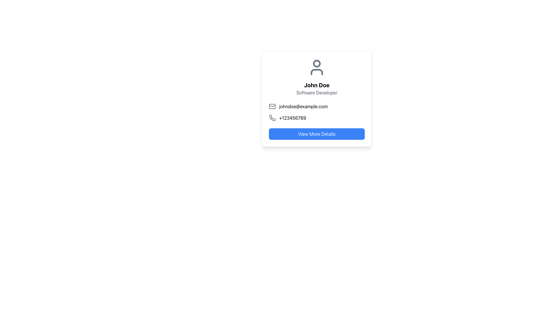  What do you see at coordinates (292, 118) in the screenshot?
I see `the phone number '+123456789' displayed in the profile card, which is located to the right of the telephone icon` at bounding box center [292, 118].